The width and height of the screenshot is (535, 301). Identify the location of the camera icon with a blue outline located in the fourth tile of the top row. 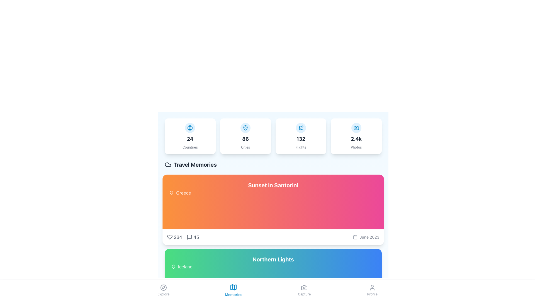
(356, 128).